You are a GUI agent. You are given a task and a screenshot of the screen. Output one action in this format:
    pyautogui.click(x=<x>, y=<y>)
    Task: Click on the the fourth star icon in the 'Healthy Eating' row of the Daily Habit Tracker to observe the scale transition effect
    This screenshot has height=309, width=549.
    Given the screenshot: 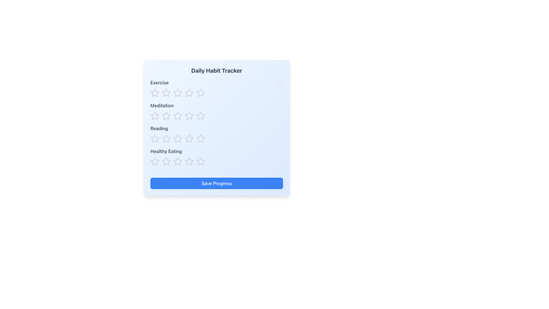 What is the action you would take?
    pyautogui.click(x=178, y=161)
    